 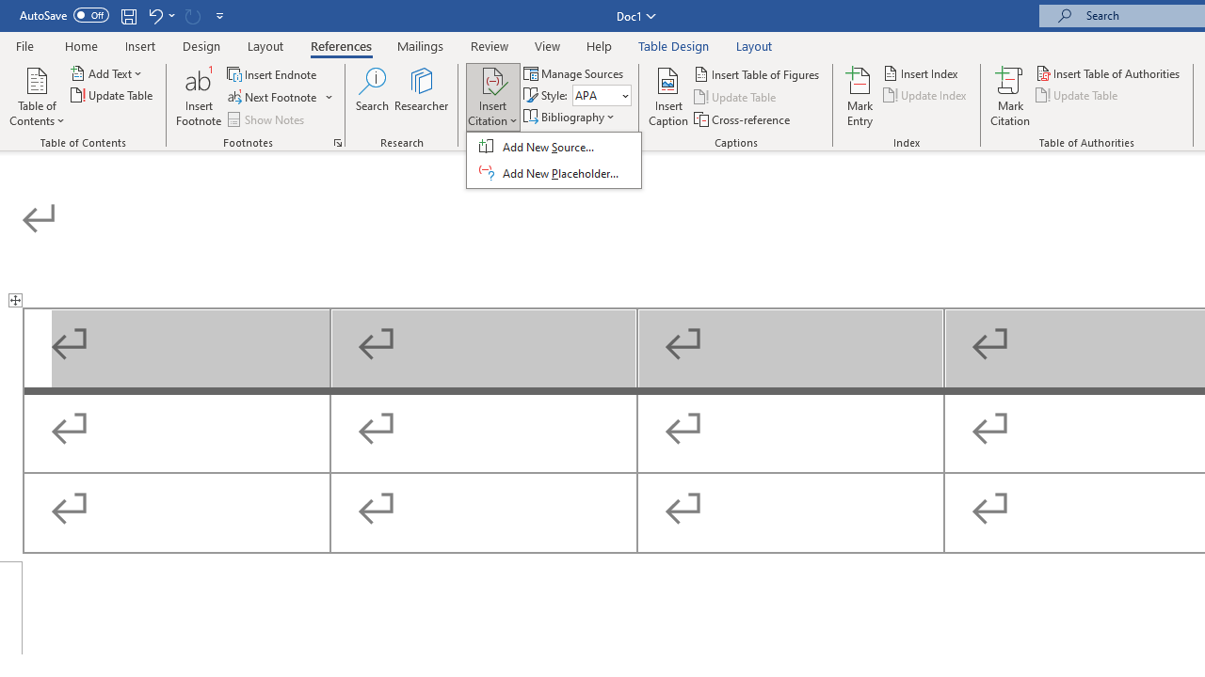 I want to click on 'Manage Sources...', so click(x=574, y=72).